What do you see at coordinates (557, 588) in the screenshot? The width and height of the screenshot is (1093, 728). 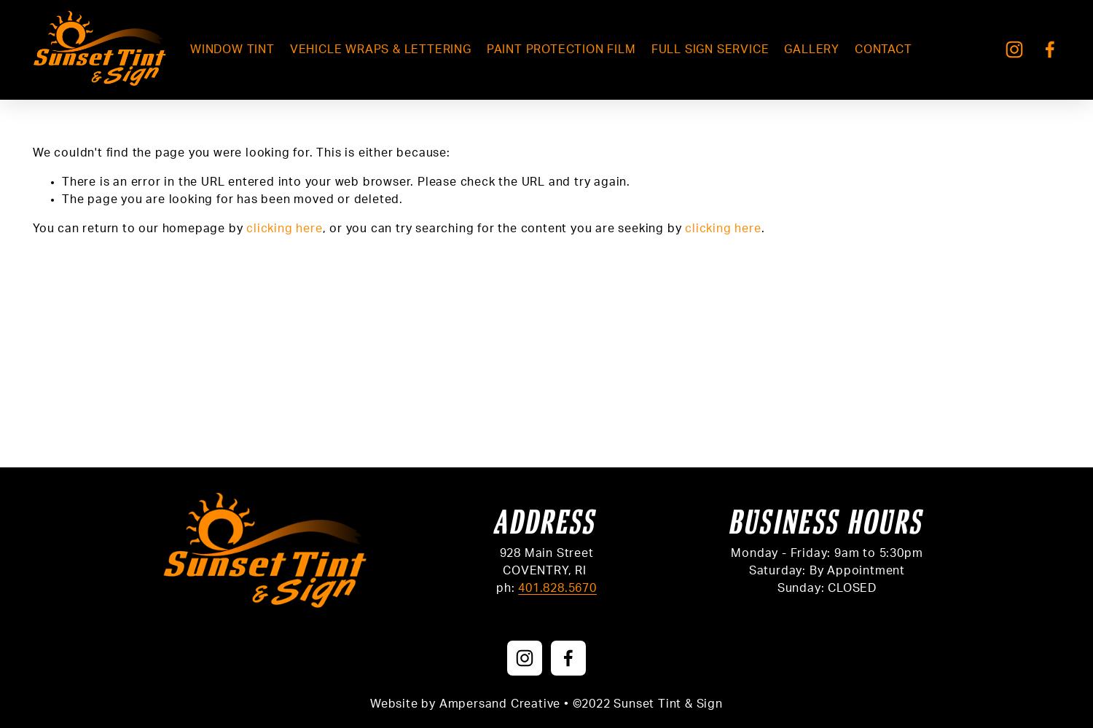 I see `'401.828.5670'` at bounding box center [557, 588].